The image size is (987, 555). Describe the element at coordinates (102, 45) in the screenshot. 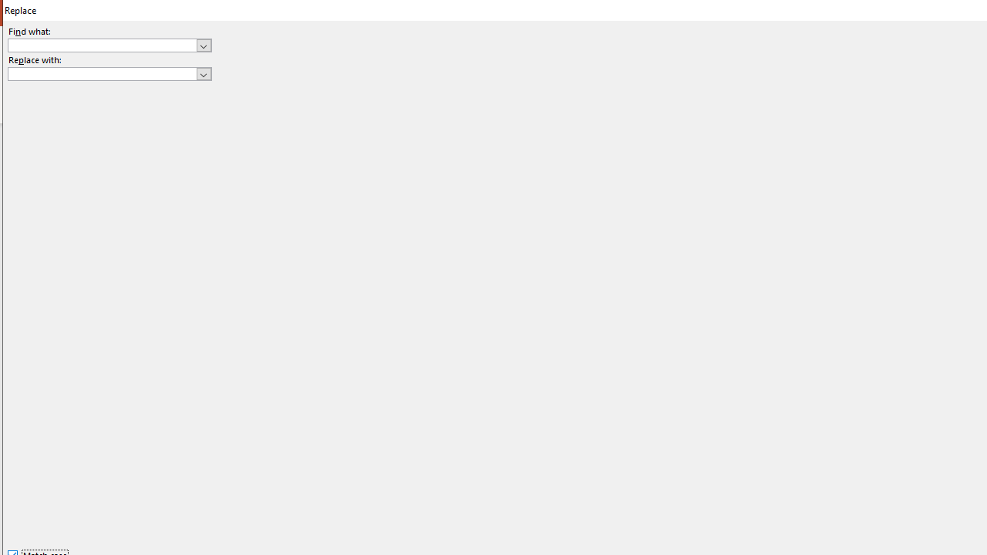

I see `'Find what'` at that location.